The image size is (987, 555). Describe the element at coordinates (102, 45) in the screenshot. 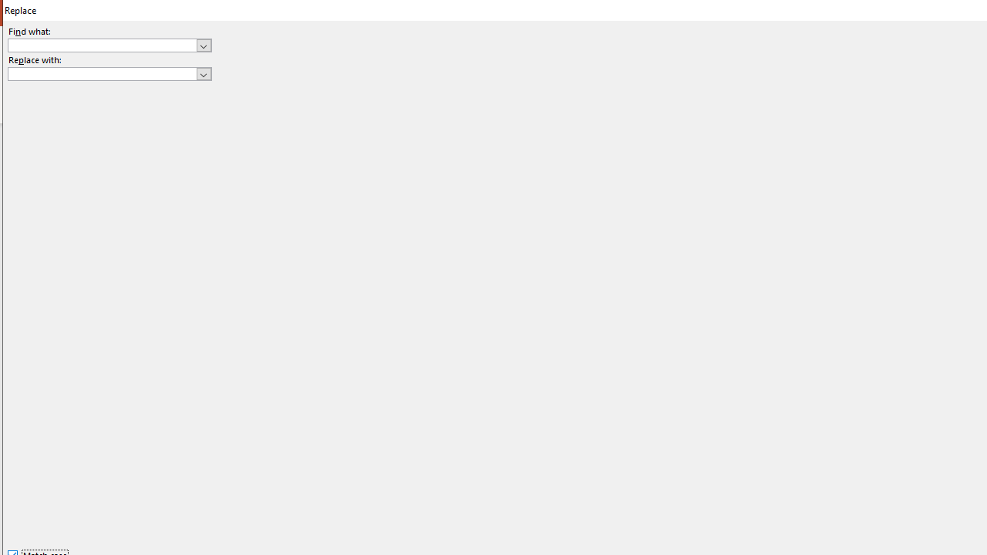

I see `'Find what'` at that location.